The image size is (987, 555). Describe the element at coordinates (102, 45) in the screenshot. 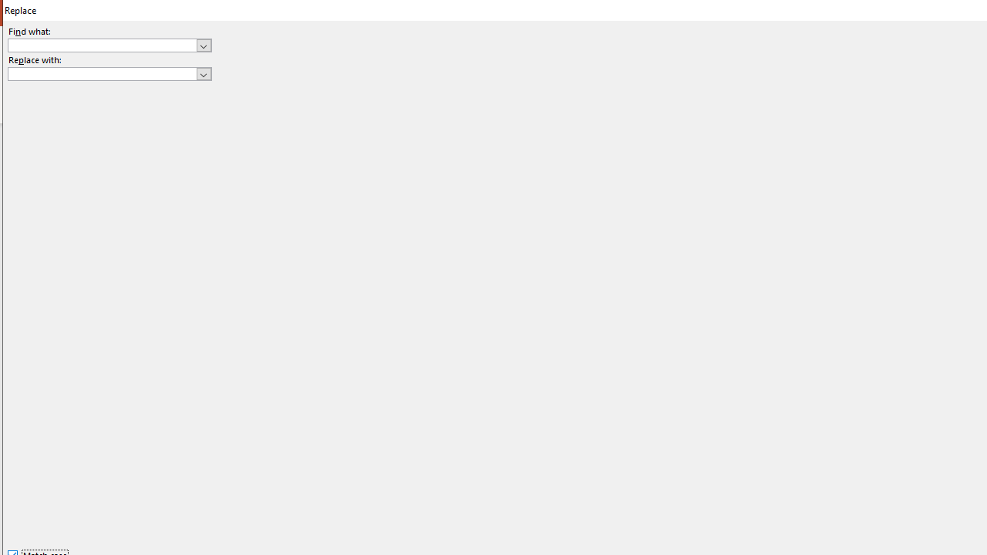

I see `'Find what'` at that location.